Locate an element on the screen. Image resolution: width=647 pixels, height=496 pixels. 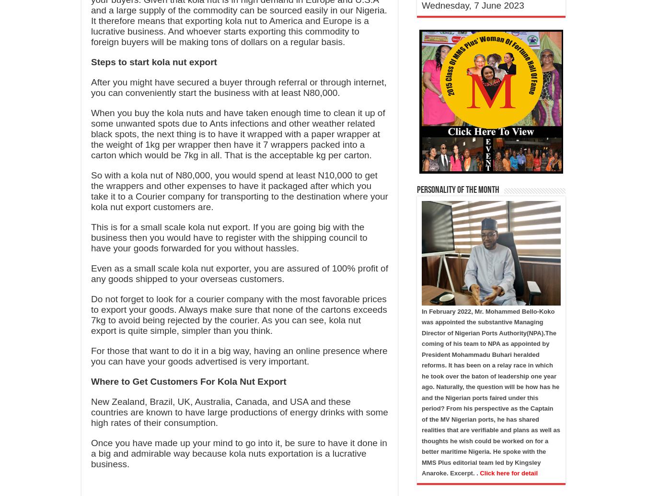
'personality of the month' is located at coordinates (457, 189).